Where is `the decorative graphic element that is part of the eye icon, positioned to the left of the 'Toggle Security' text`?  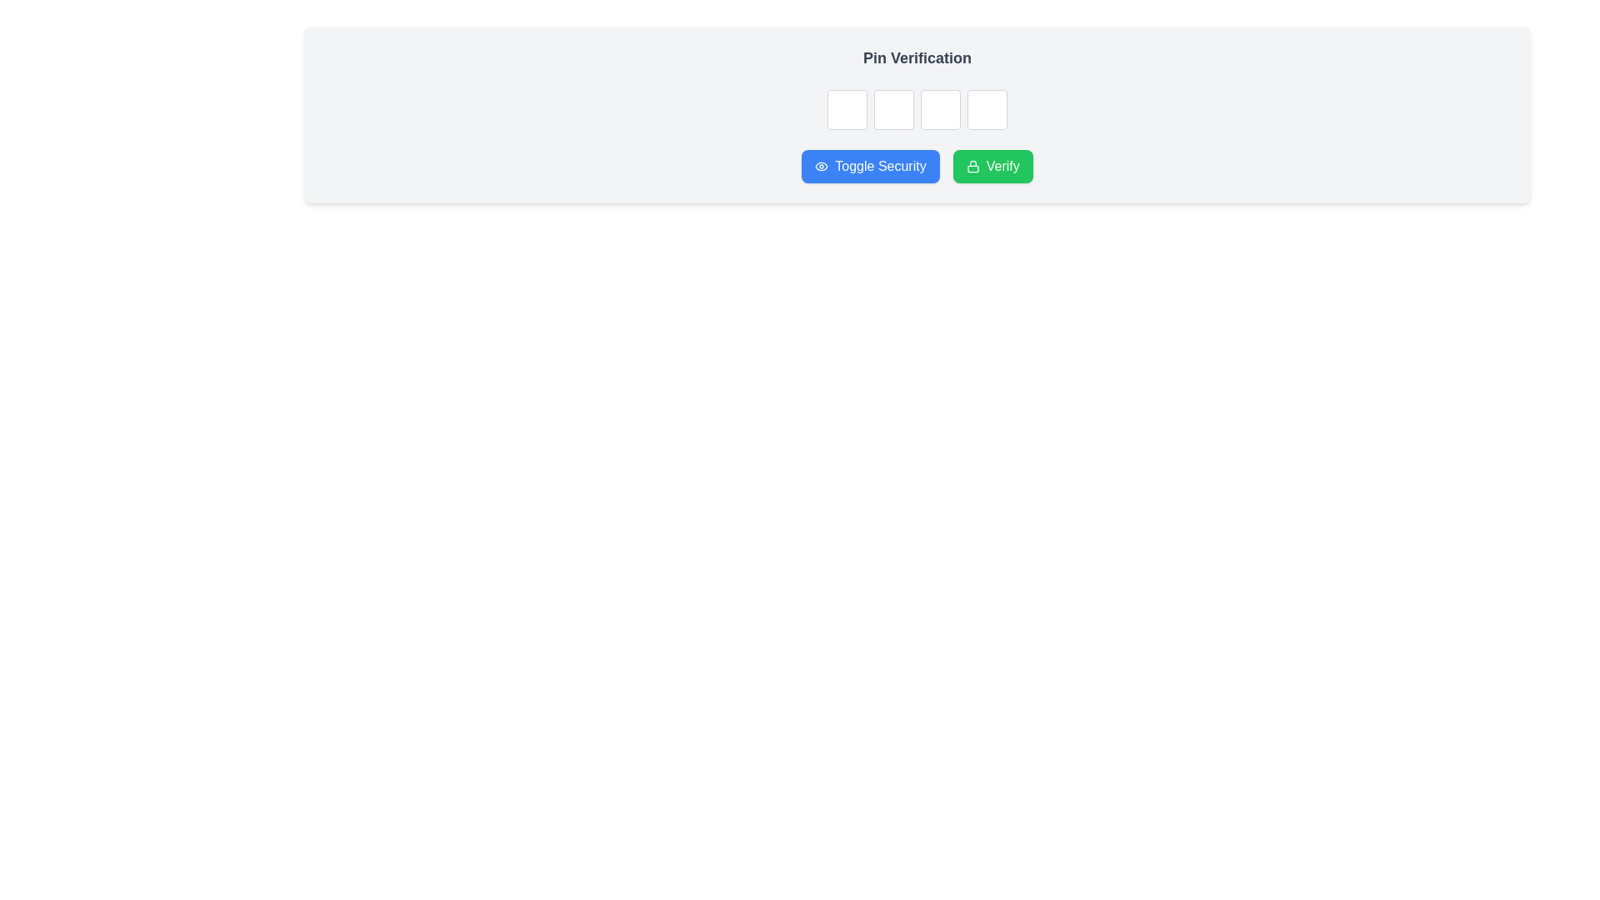 the decorative graphic element that is part of the eye icon, positioned to the left of the 'Toggle Security' text is located at coordinates (822, 167).